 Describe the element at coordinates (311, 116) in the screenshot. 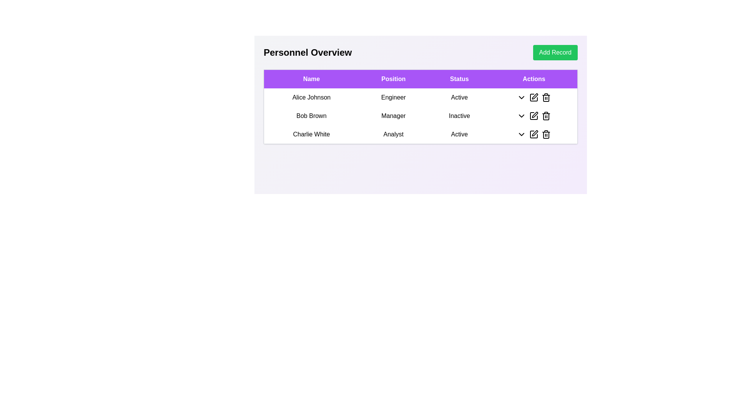

I see `the text entry 'Bob Brown' located in the 'Name' column of the 'Personnel Overview' table` at that location.